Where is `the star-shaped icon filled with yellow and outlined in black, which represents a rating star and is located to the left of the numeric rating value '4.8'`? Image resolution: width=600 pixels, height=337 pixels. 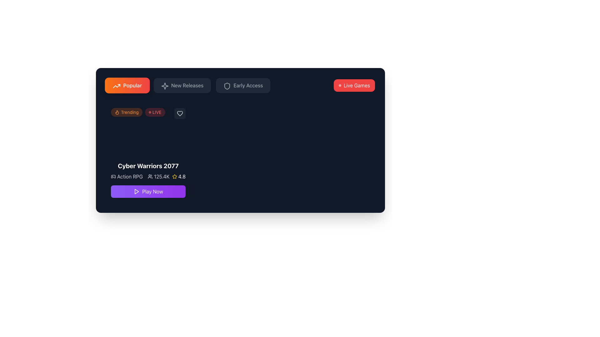 the star-shaped icon filled with yellow and outlined in black, which represents a rating star and is located to the left of the numeric rating value '4.8' is located at coordinates (174, 177).